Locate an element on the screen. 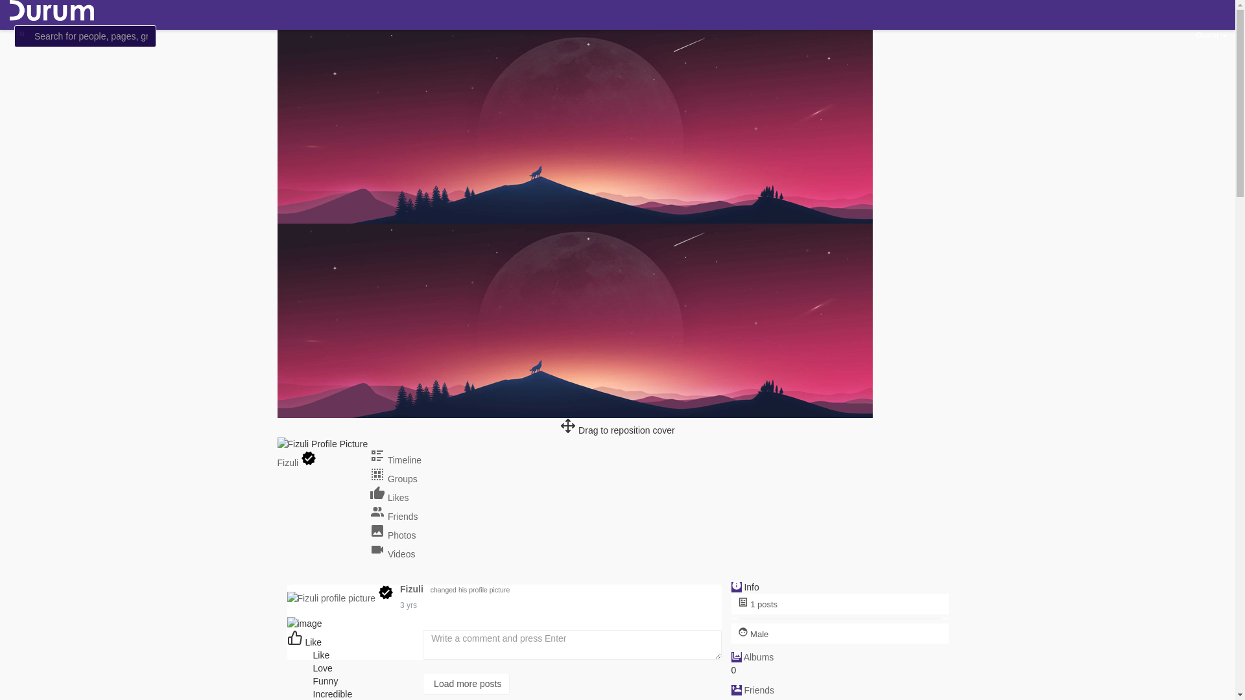 The width and height of the screenshot is (1245, 700). 'Photos' is located at coordinates (392, 535).